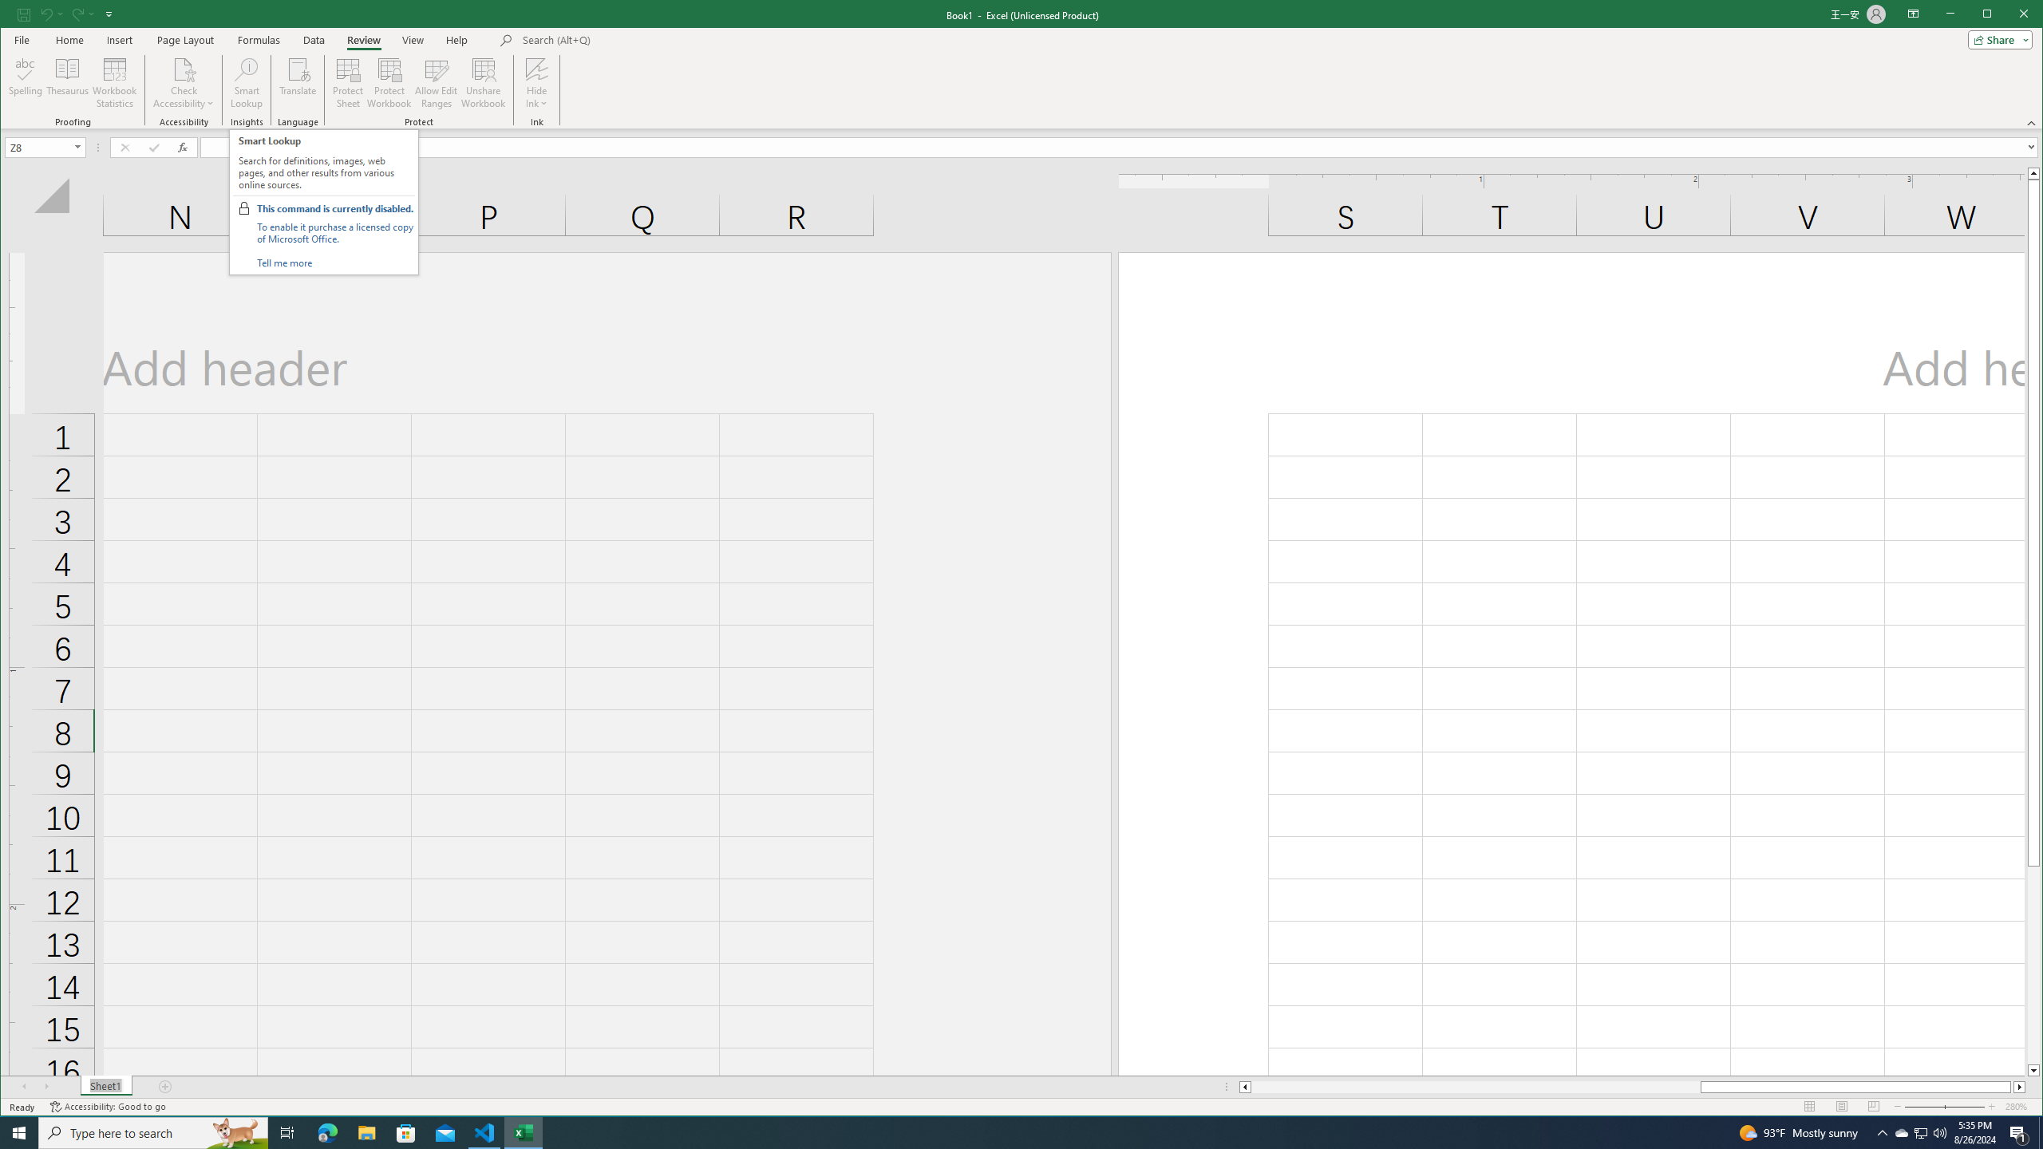 The image size is (2043, 1149). I want to click on 'Hide Ink', so click(536, 68).